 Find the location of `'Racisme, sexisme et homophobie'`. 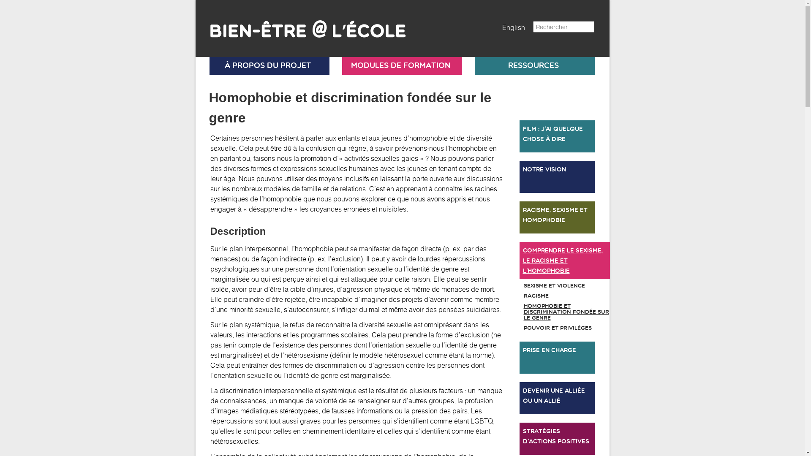

'Racisme, sexisme et homophobie' is located at coordinates (557, 217).